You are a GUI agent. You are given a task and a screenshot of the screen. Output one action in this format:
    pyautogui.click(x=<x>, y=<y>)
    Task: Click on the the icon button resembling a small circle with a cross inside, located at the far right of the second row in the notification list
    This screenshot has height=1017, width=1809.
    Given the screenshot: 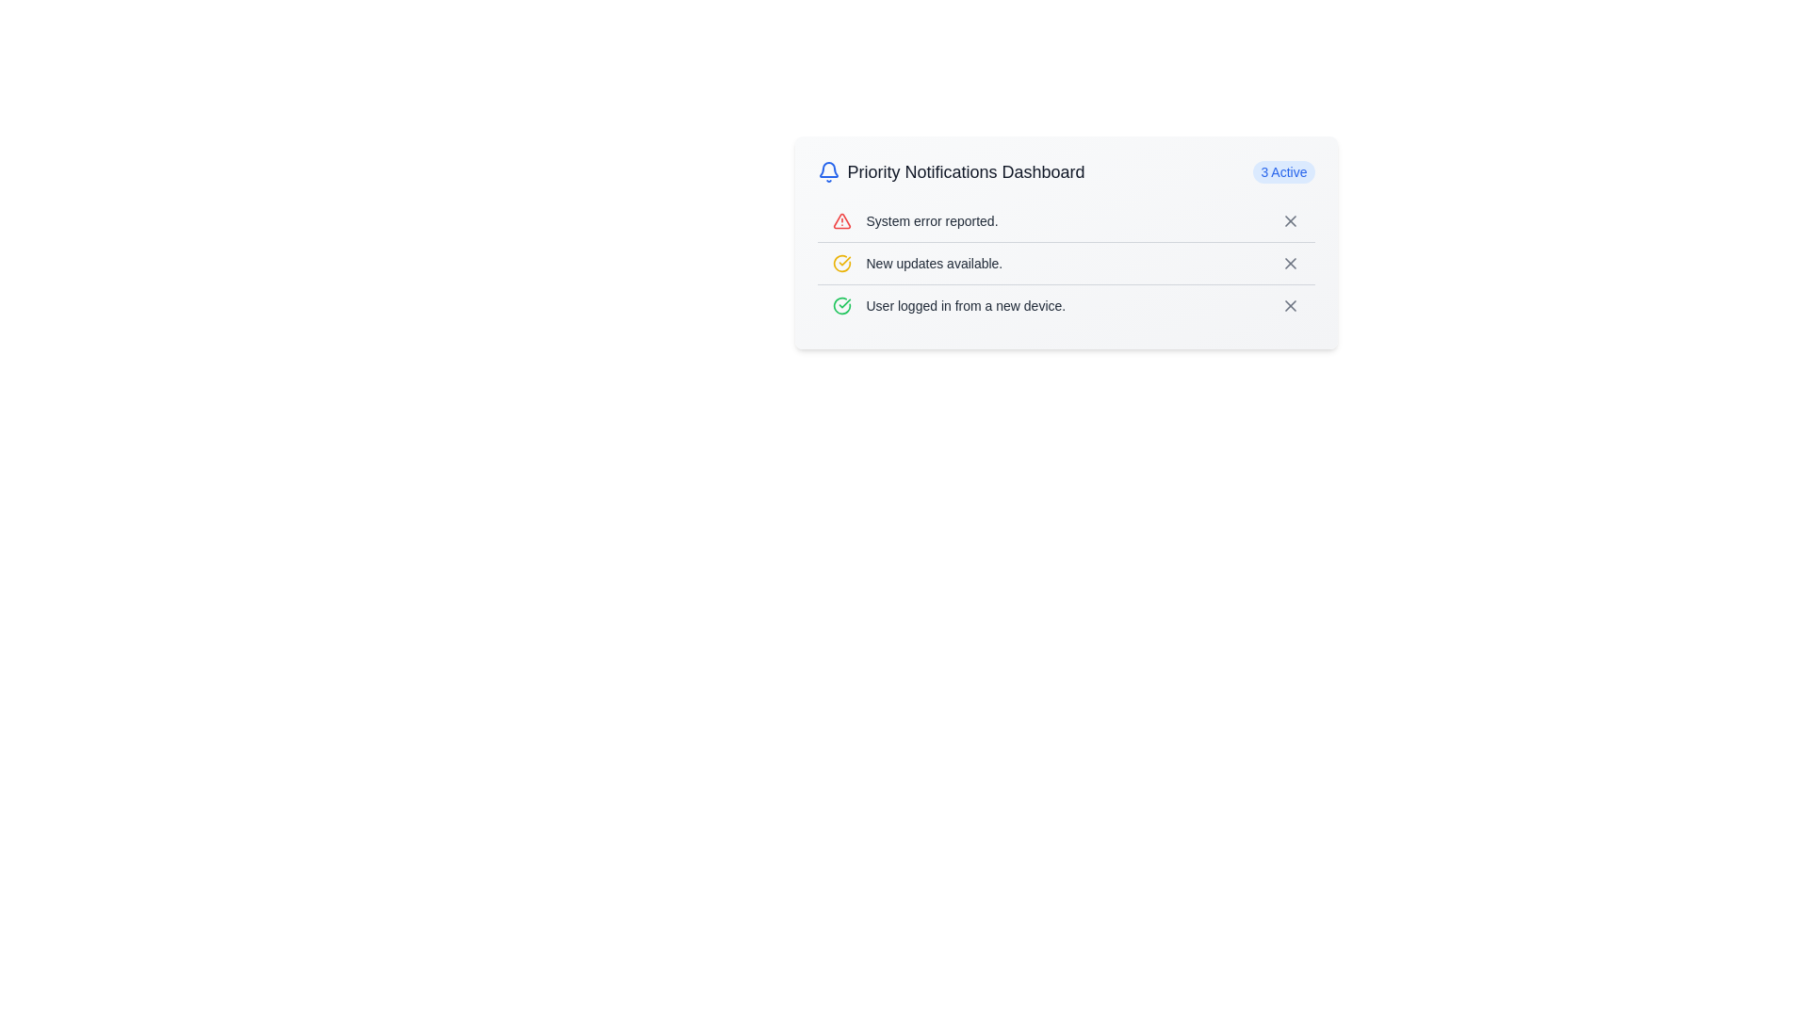 What is the action you would take?
    pyautogui.click(x=1289, y=264)
    